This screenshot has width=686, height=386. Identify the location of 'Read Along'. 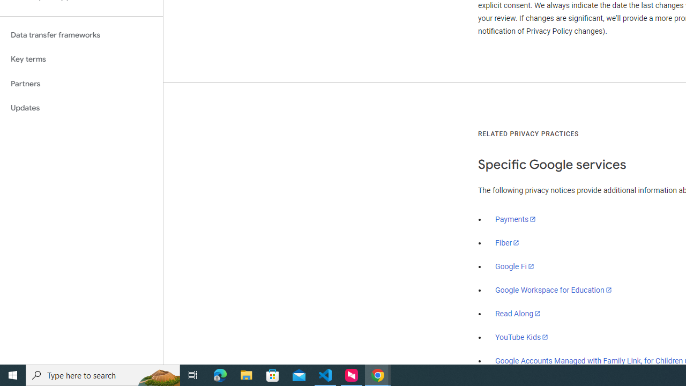
(518, 314).